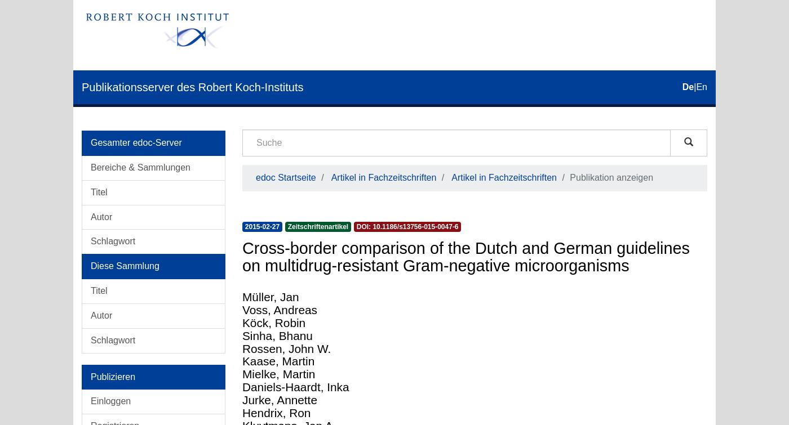 The width and height of the screenshot is (789, 425). What do you see at coordinates (286, 347) in the screenshot?
I see `'Rossen, John W.'` at bounding box center [286, 347].